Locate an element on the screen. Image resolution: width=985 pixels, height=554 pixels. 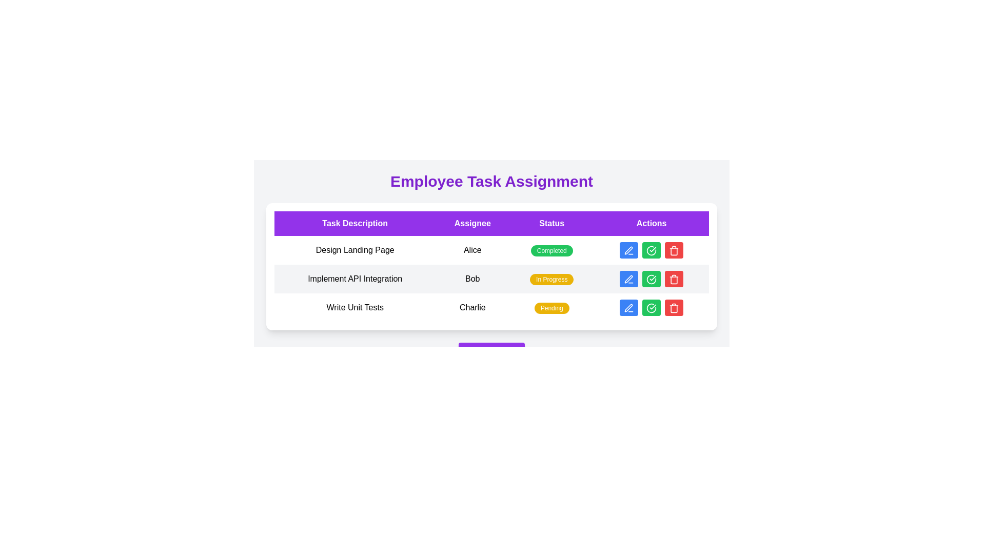
the edit button in the 'Actions' column for the entry corresponding to 'Charlie' is located at coordinates (628, 307).